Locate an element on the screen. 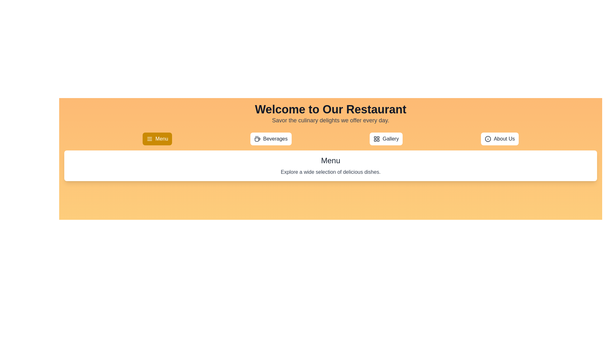 This screenshot has height=345, width=614. the Beverages tab to view its content is located at coordinates (271, 139).